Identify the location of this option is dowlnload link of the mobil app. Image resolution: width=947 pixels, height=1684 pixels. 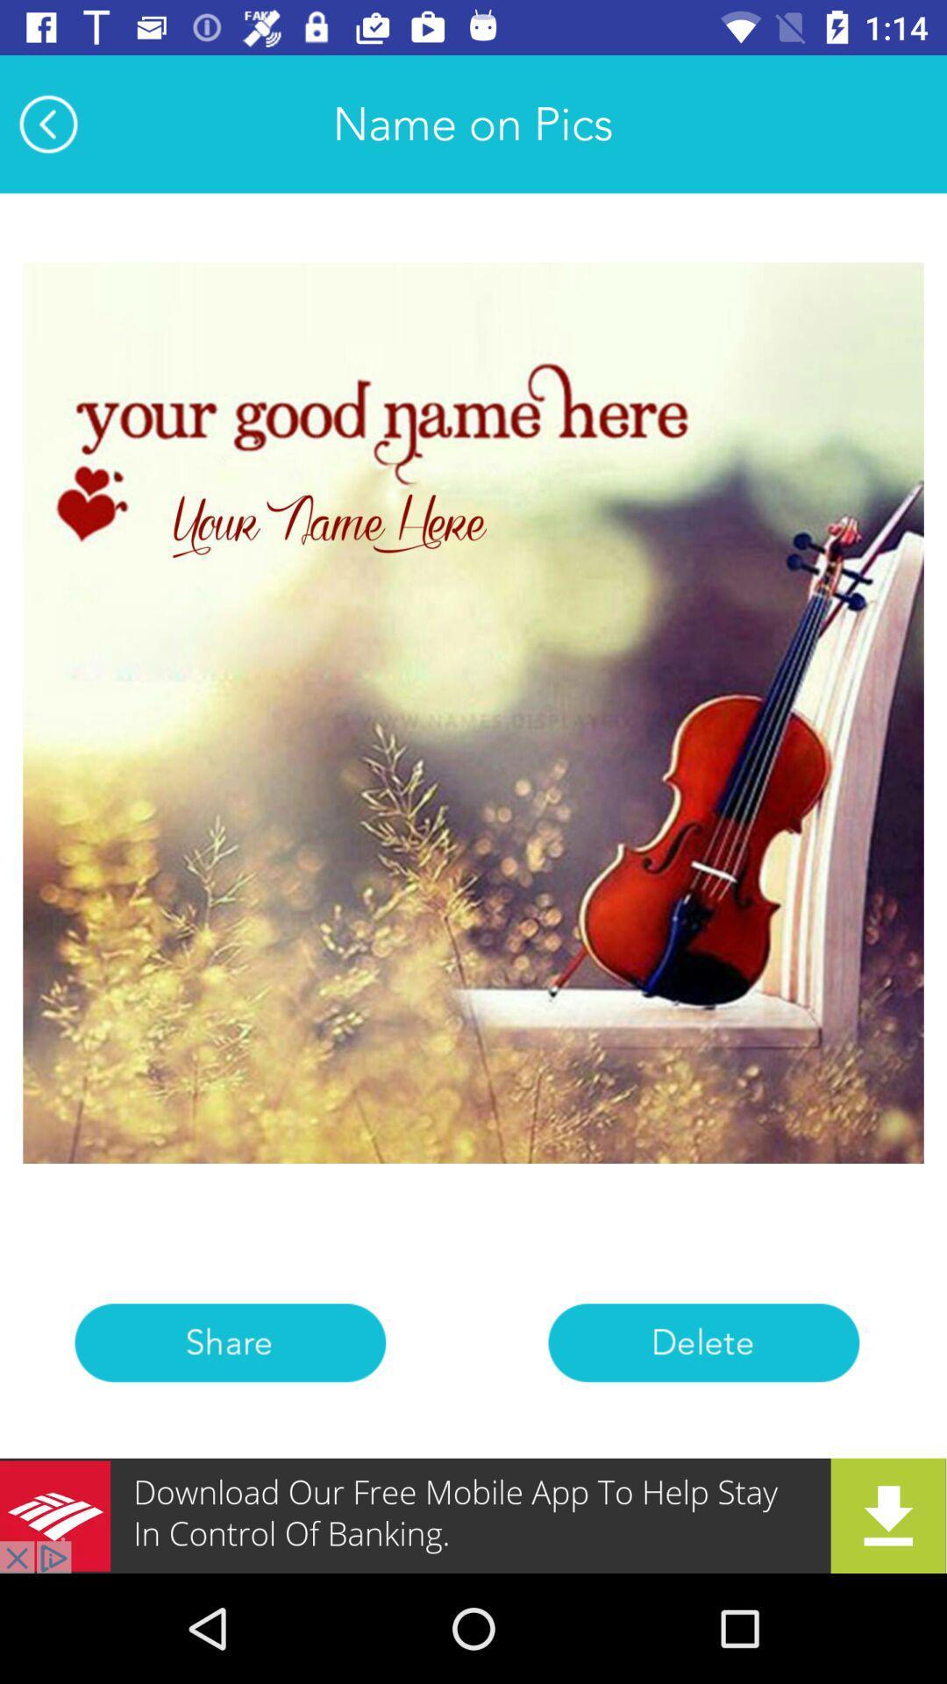
(473, 1515).